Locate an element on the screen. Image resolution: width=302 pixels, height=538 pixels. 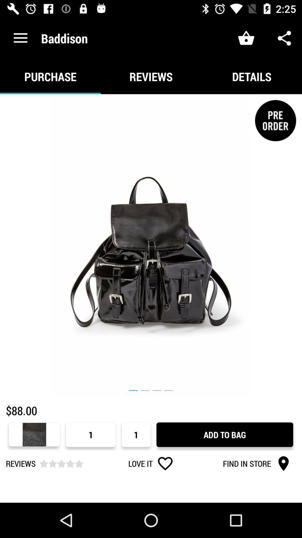
icon above the $88.00 icon is located at coordinates (151, 245).